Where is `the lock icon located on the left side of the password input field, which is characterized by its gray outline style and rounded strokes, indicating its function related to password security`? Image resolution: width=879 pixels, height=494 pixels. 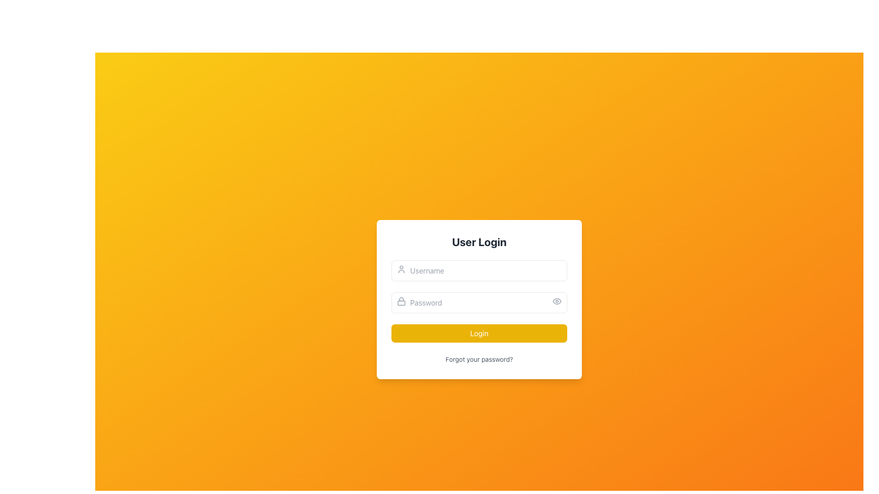 the lock icon located on the left side of the password input field, which is characterized by its gray outline style and rounded strokes, indicating its function related to password security is located at coordinates (402, 301).